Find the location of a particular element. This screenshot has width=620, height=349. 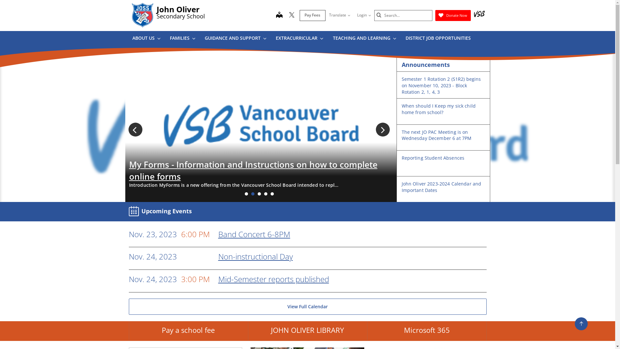

'Translate' is located at coordinates (339, 15).